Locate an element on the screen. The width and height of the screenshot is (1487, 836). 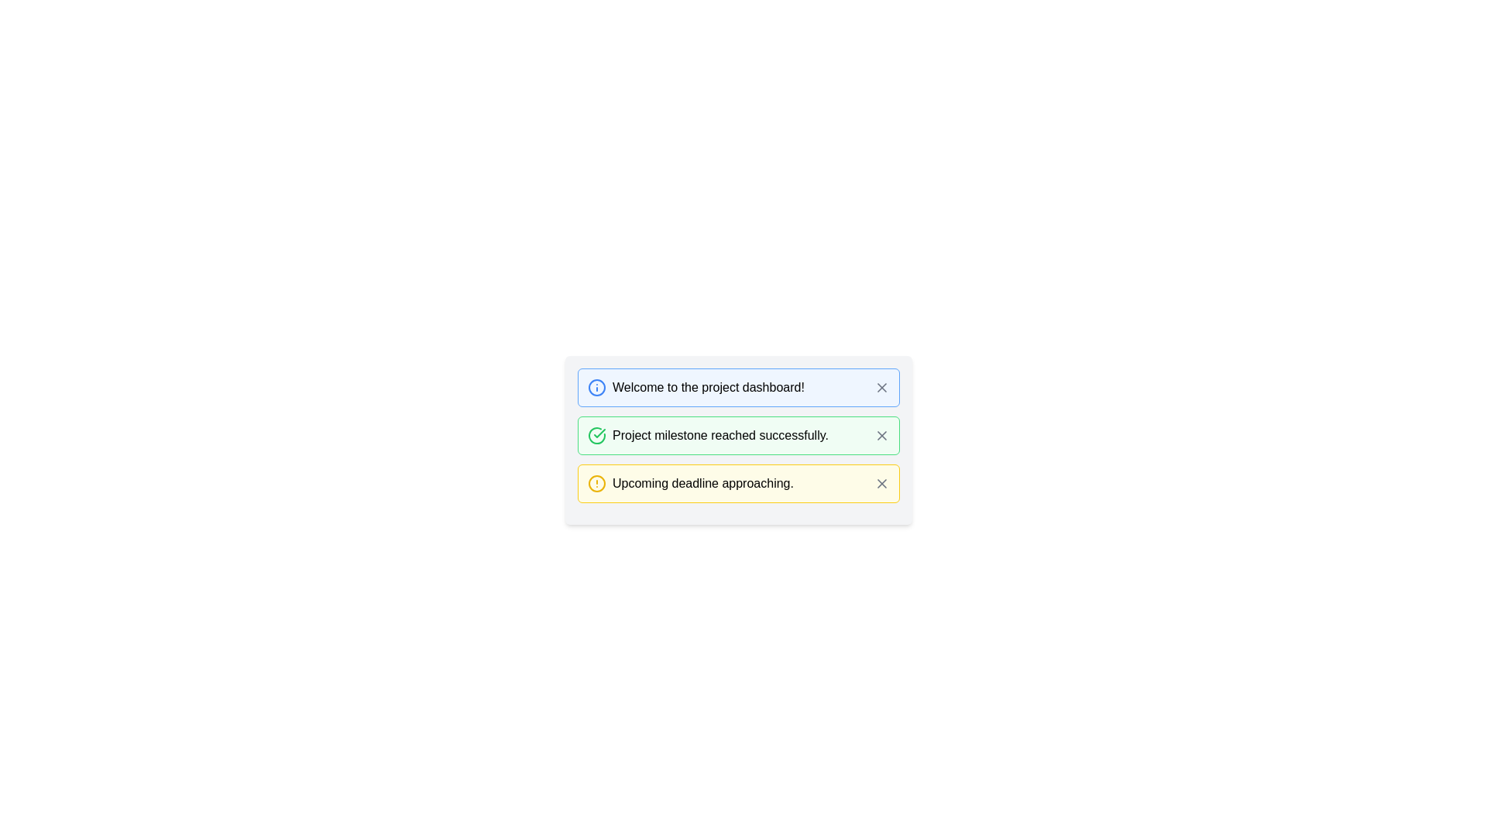
the welcoming message Text caption with an accompanying icon located at the upper-left area of the project dashboard is located at coordinates (695, 387).